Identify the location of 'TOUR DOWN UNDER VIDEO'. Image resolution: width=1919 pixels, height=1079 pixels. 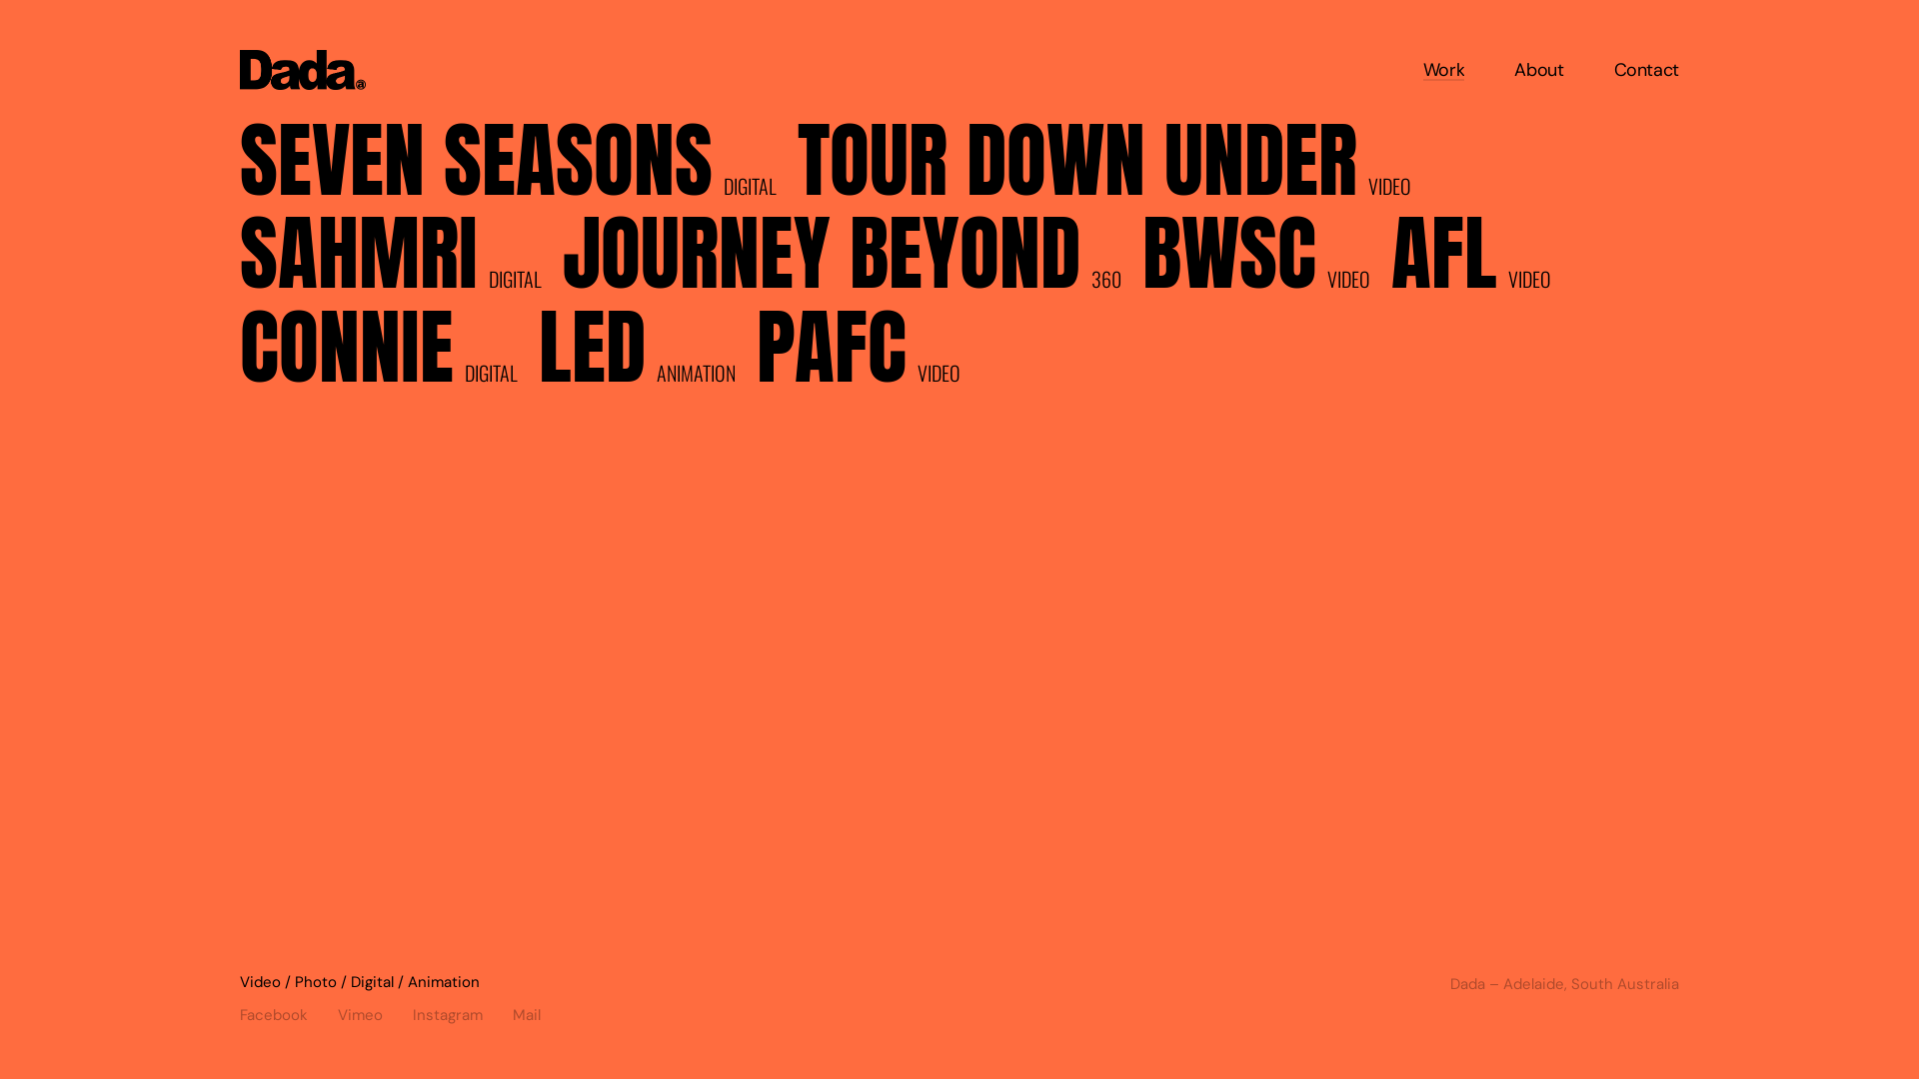
(1112, 165).